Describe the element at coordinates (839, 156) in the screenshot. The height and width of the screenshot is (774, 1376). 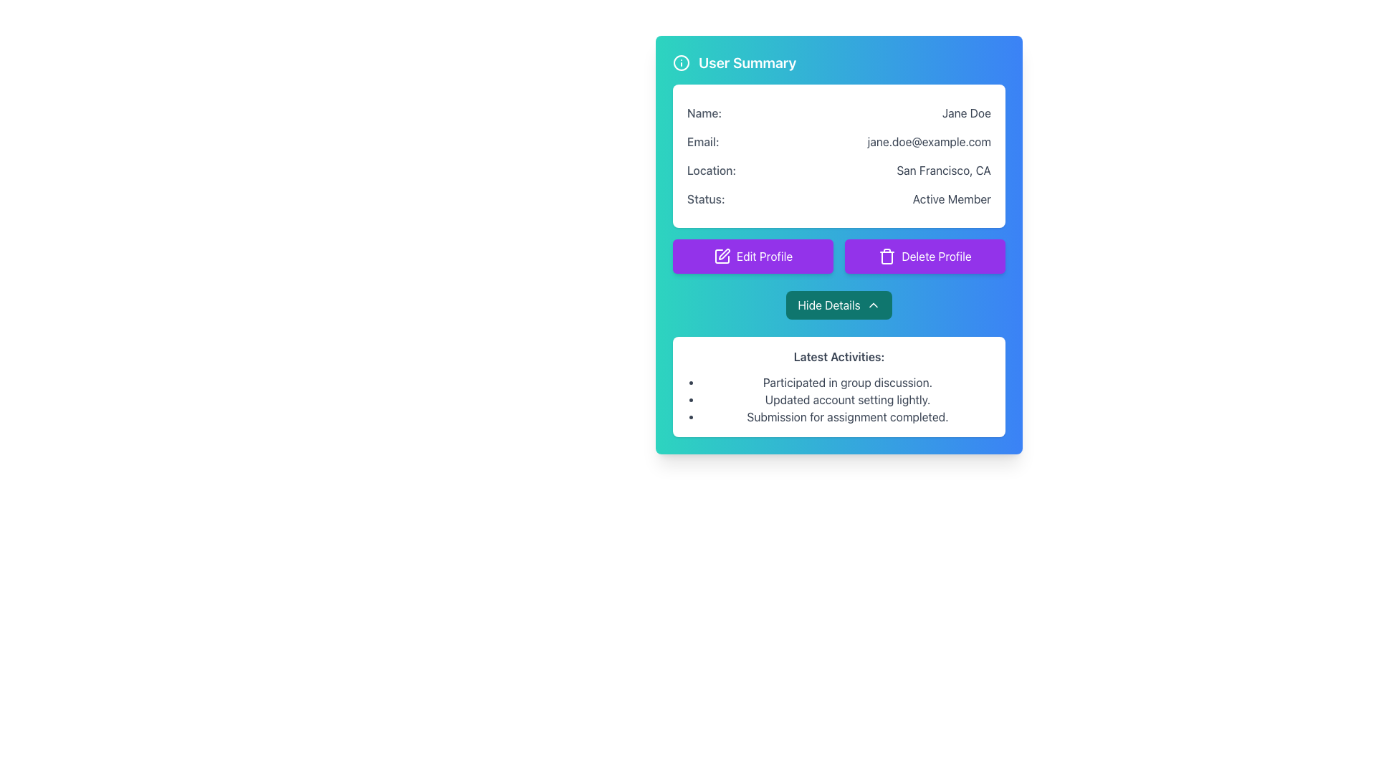
I see `information displayed in the rectangular section located in the upper-middle section of the card, which includes the details about 'Name: Jane Doe', 'Email: jane.doe@example.com', 'Location: San Francisco, CA', and 'Status: Active Member'` at that location.